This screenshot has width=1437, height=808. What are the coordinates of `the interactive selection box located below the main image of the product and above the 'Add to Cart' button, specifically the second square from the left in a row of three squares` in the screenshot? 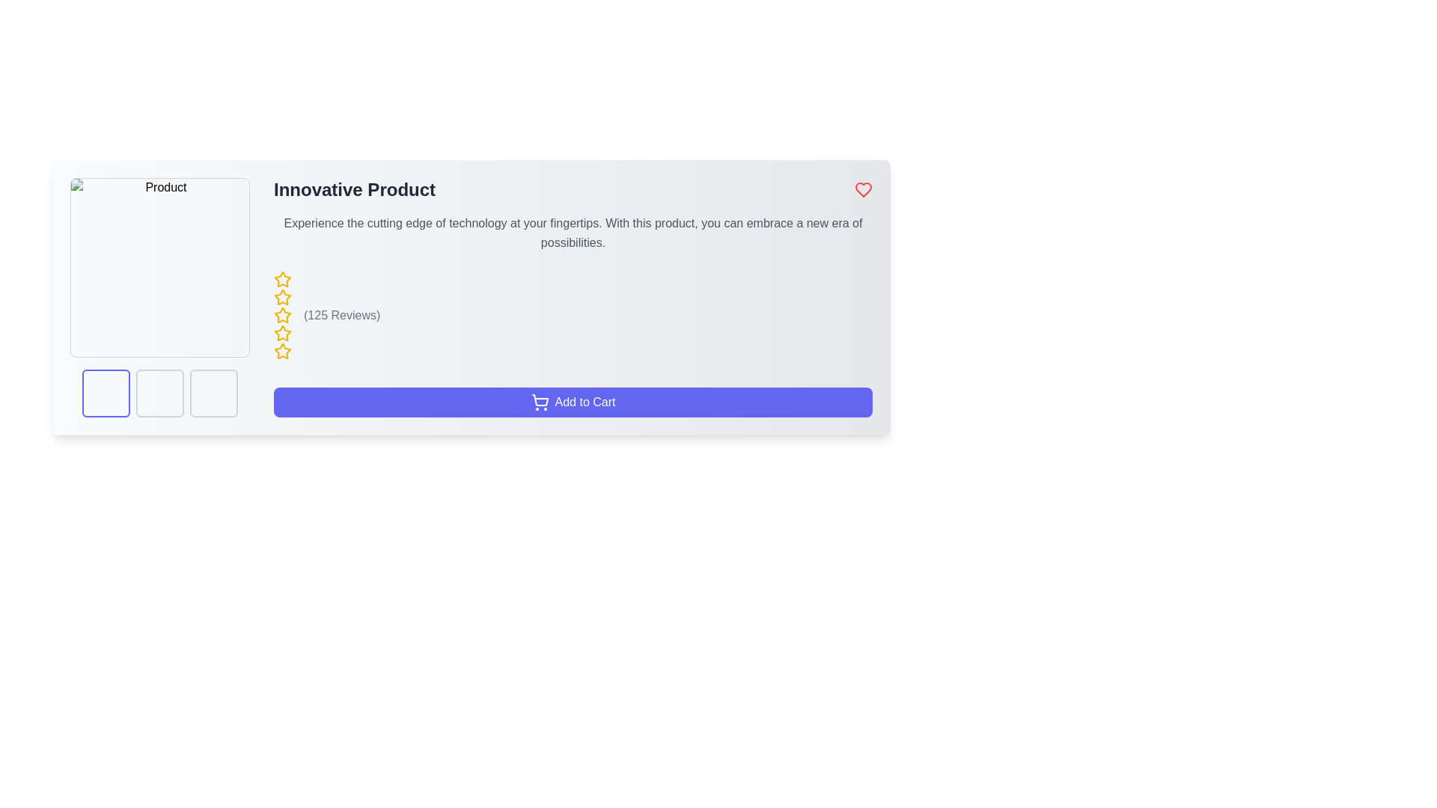 It's located at (160, 392).